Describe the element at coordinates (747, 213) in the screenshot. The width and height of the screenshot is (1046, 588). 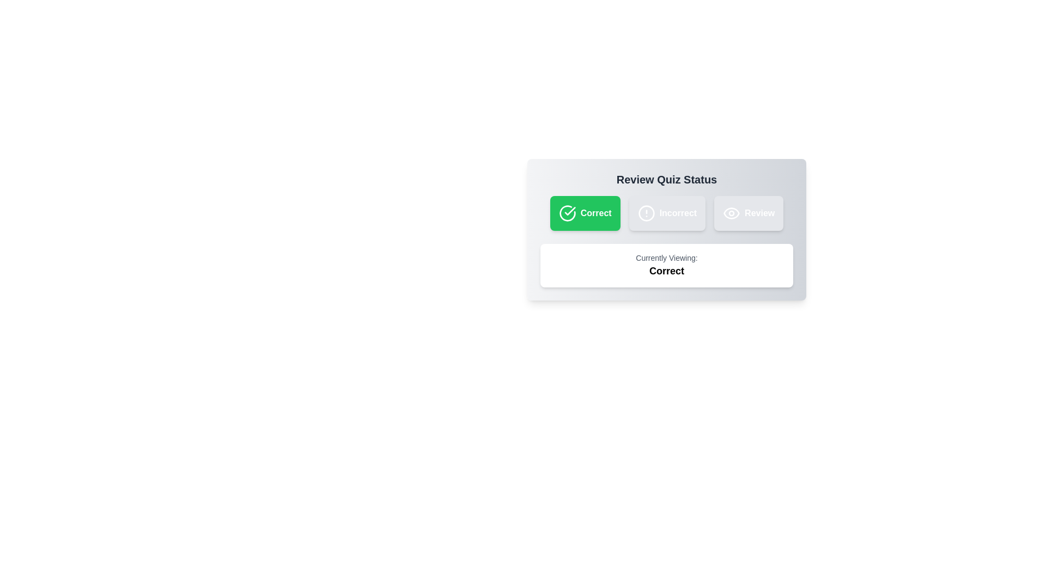
I see `the Review button to change the quiz review status` at that location.